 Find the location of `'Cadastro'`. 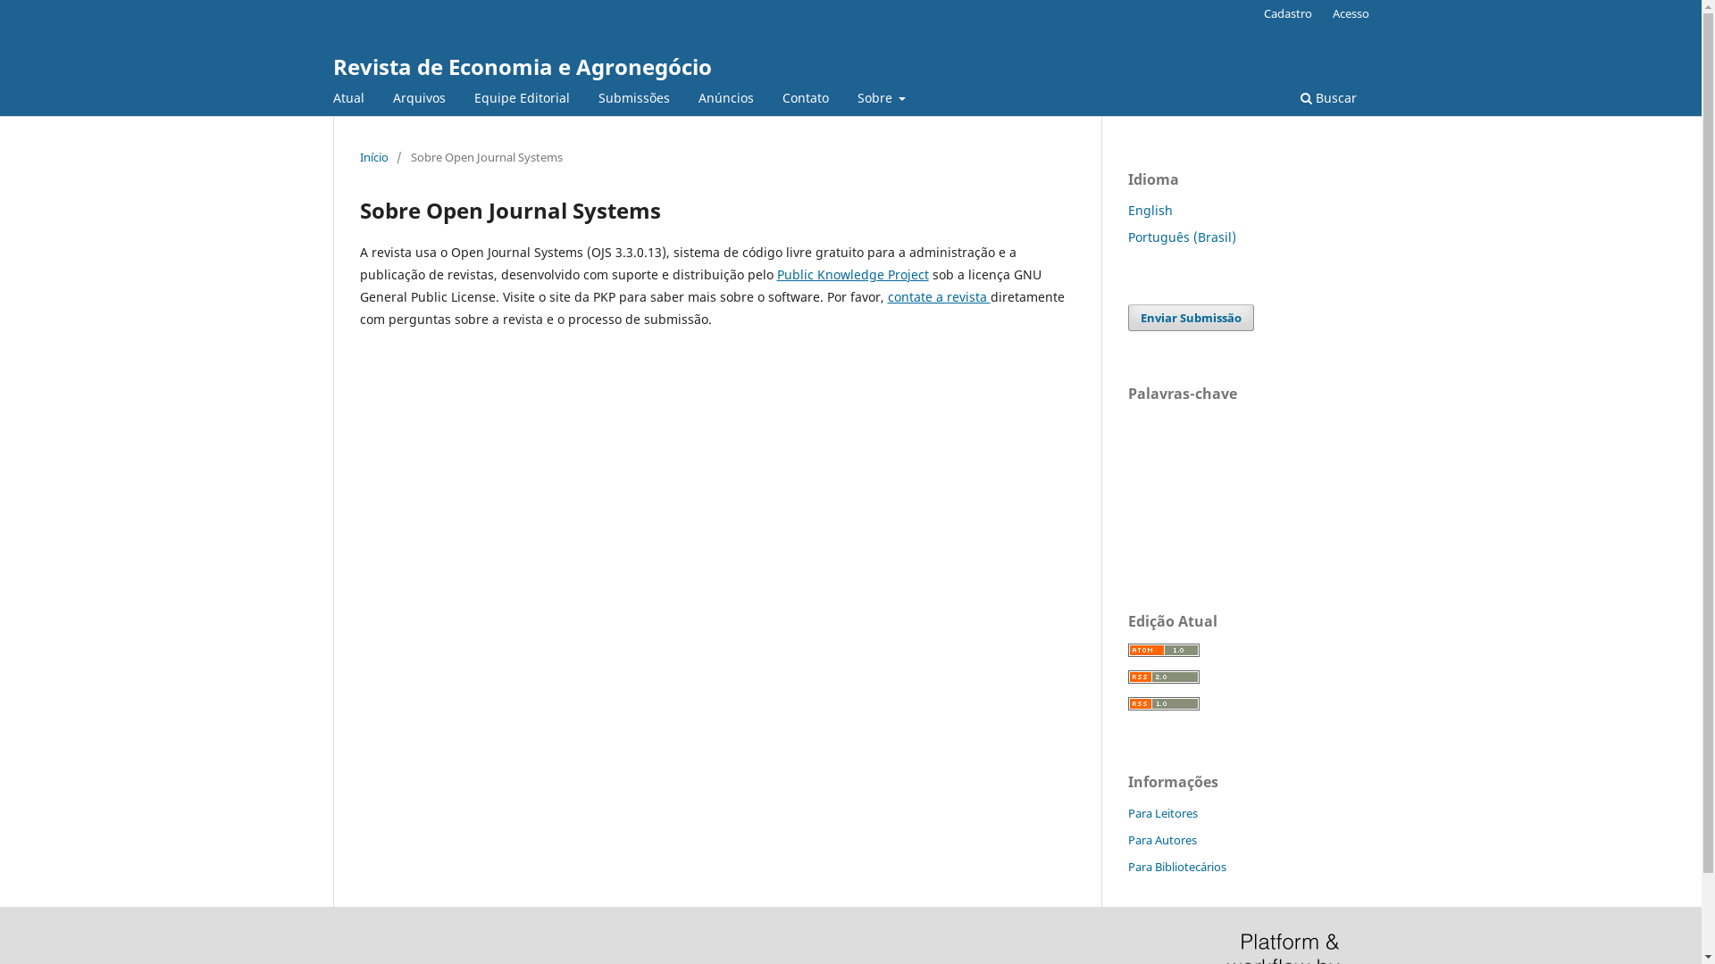

'Cadastro' is located at coordinates (1287, 13).